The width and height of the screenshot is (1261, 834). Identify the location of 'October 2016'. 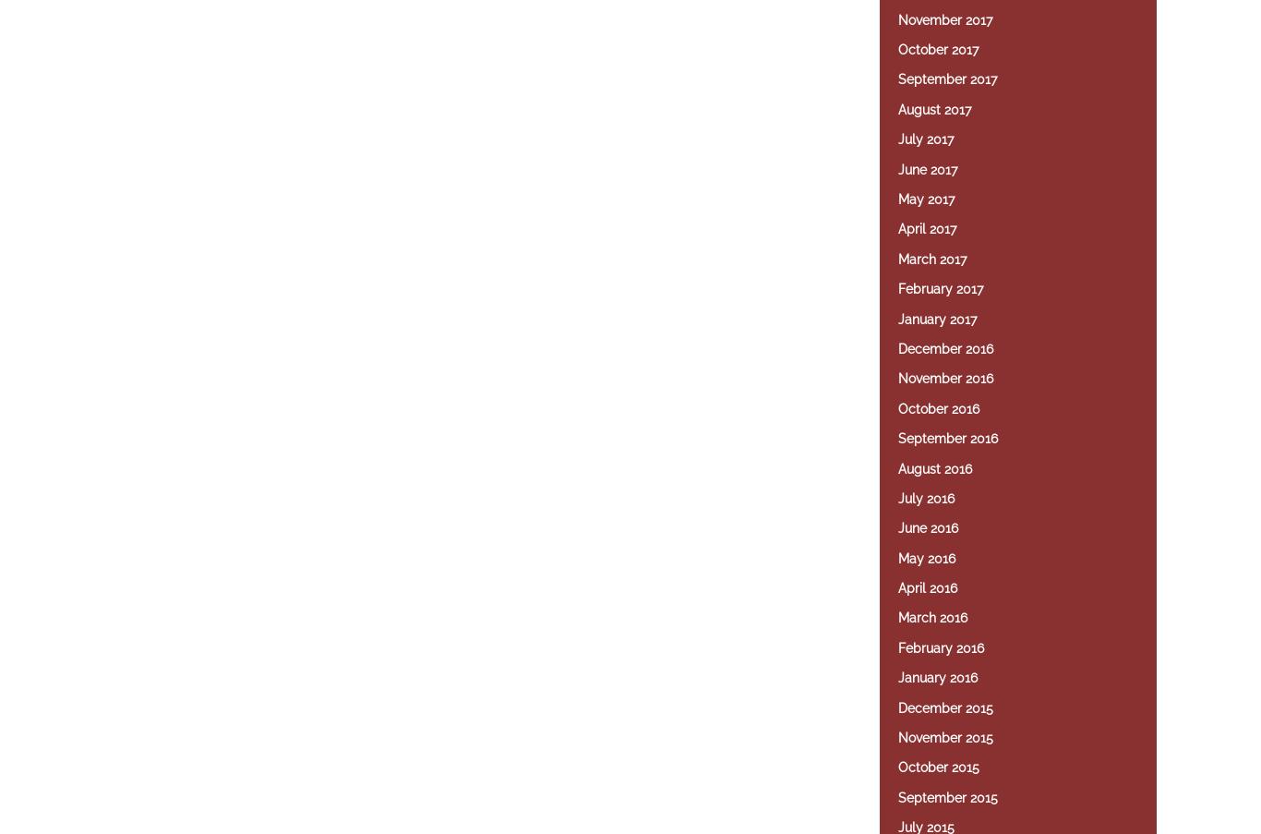
(938, 407).